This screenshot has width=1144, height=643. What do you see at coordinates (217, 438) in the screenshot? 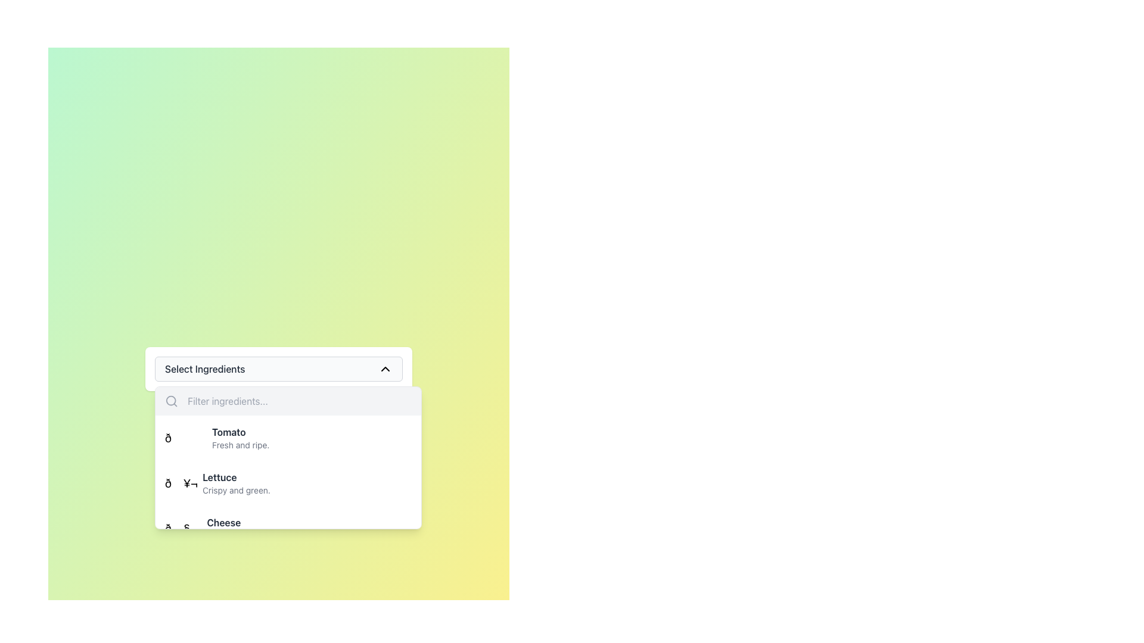
I see `the 'Tomato' ingredient list item` at bounding box center [217, 438].